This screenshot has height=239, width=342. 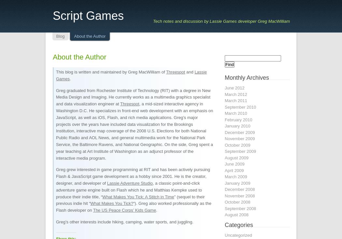 What do you see at coordinates (239, 132) in the screenshot?
I see `'December 2009'` at bounding box center [239, 132].